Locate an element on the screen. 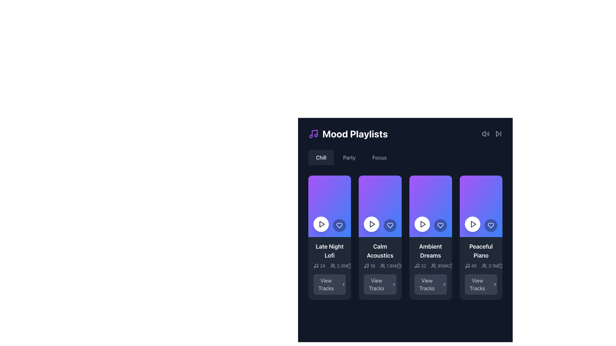  the heart button is located at coordinates (491, 225).